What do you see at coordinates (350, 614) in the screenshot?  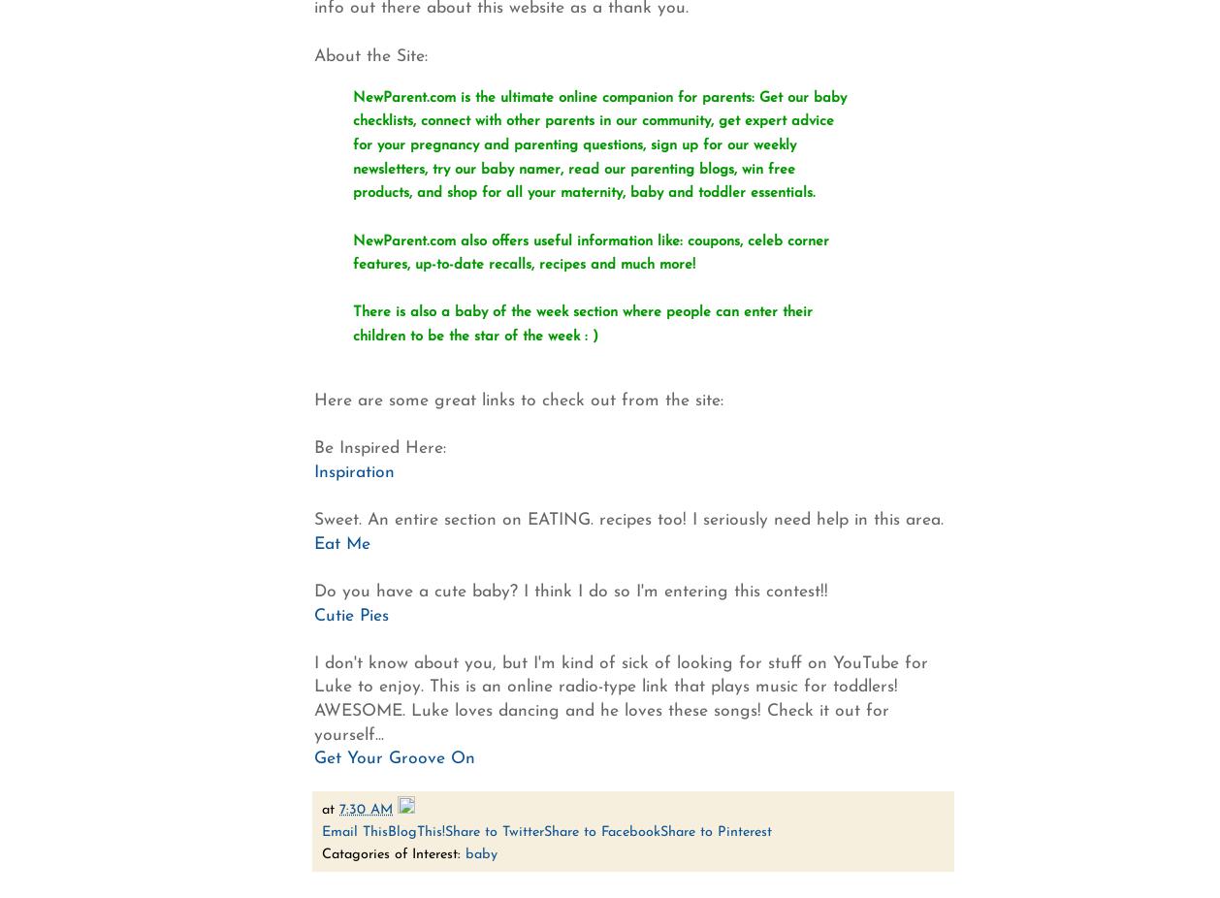 I see `'Cutie Pies'` at bounding box center [350, 614].